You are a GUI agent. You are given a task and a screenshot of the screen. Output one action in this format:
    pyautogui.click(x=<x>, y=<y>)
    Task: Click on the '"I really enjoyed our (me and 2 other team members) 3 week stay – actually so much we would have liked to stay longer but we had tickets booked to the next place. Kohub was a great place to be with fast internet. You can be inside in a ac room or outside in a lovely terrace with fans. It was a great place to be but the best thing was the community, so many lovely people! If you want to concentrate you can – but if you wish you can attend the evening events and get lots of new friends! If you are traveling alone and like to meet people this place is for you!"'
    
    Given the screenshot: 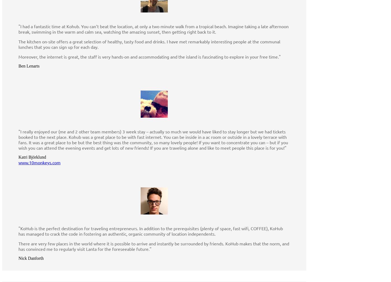 What is the action you would take?
    pyautogui.click(x=153, y=140)
    